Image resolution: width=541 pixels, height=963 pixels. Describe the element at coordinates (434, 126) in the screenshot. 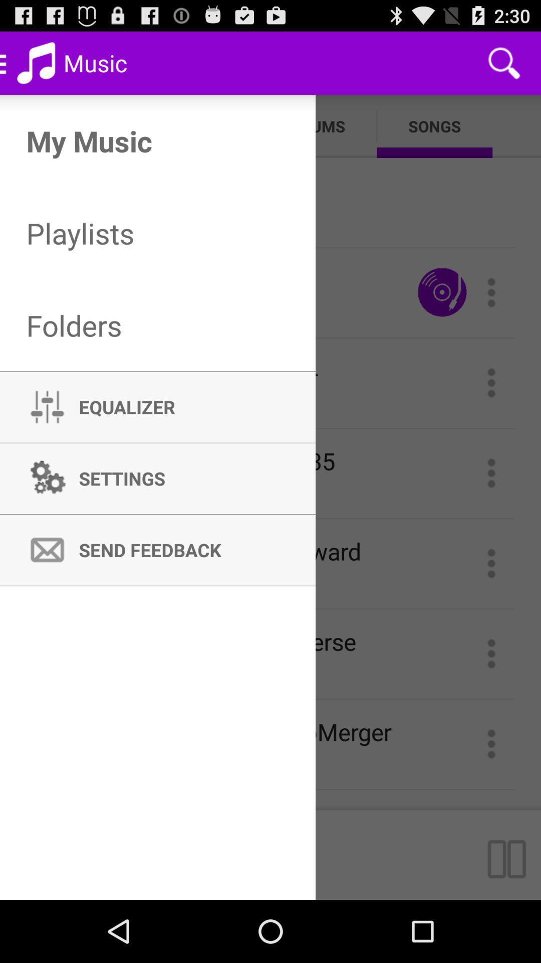

I see `the tab songs on the web page` at that location.